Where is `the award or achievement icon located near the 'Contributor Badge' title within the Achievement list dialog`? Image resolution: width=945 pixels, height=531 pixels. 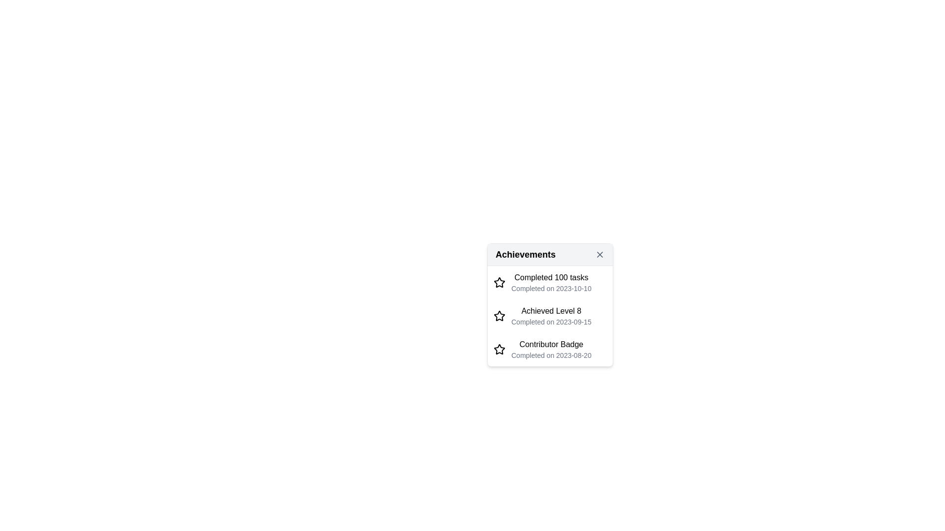 the award or achievement icon located near the 'Contributor Badge' title within the Achievement list dialog is located at coordinates (499, 348).